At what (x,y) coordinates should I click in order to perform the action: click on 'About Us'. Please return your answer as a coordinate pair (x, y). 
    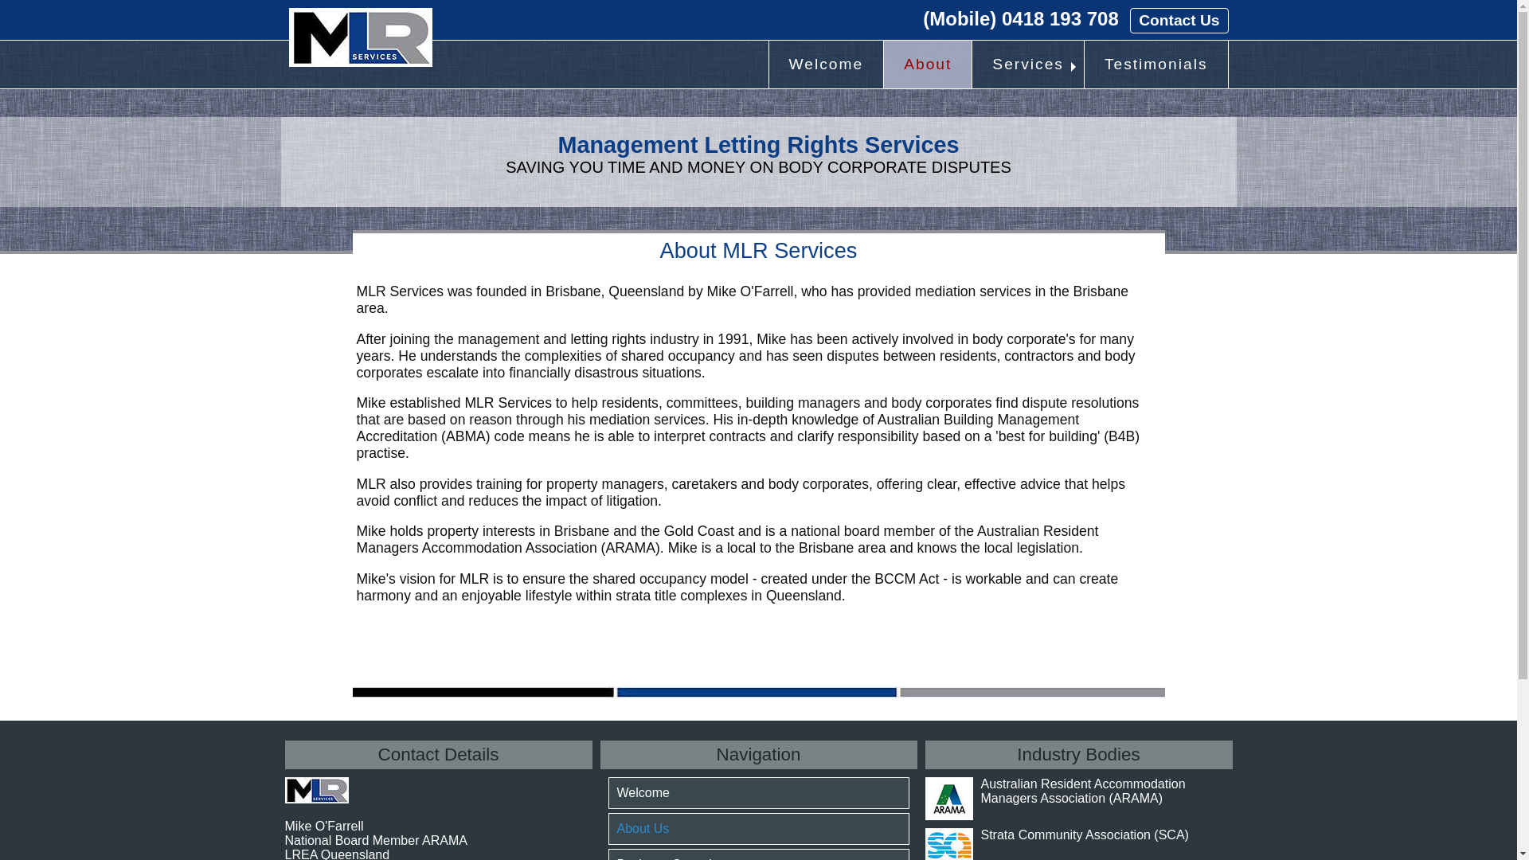
    Looking at the image, I should click on (758, 828).